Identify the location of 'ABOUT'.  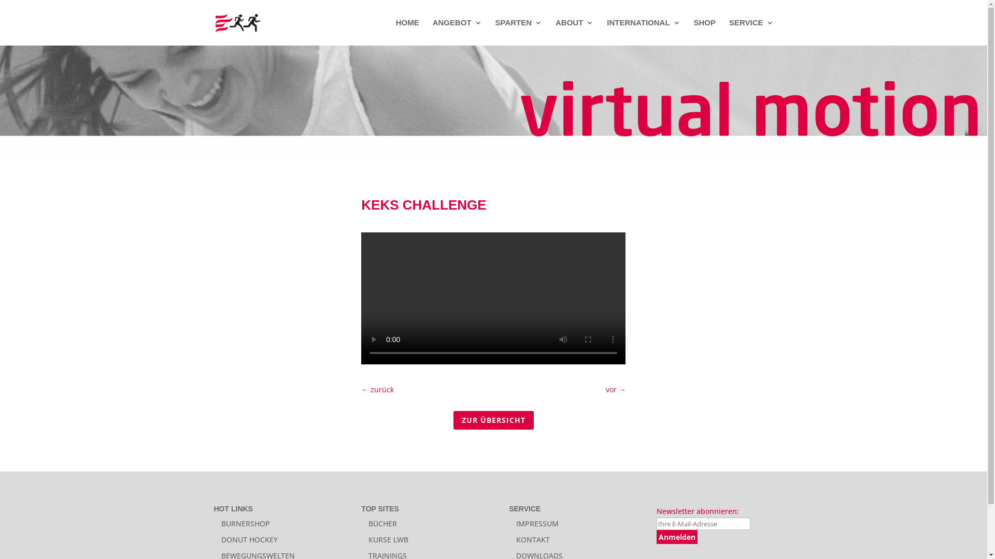
(574, 32).